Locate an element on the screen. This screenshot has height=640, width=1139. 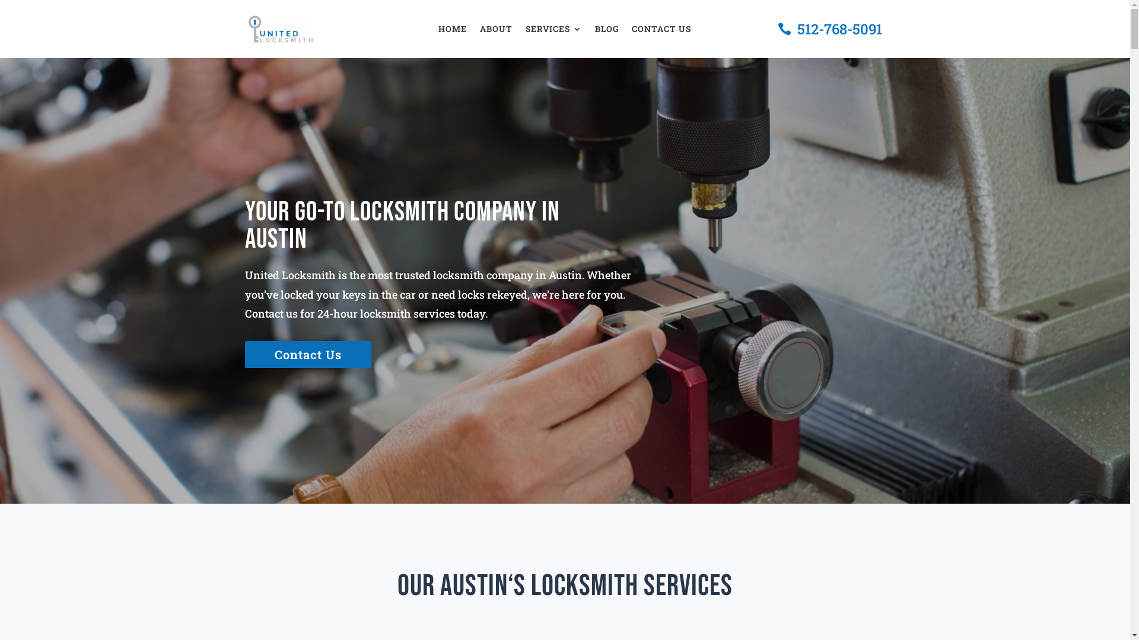
'SERVICES' is located at coordinates (553, 31).